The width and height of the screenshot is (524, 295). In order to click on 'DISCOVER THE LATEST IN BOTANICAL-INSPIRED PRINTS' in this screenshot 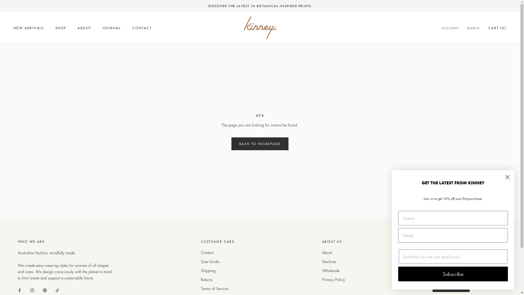, I will do `click(260, 5)`.